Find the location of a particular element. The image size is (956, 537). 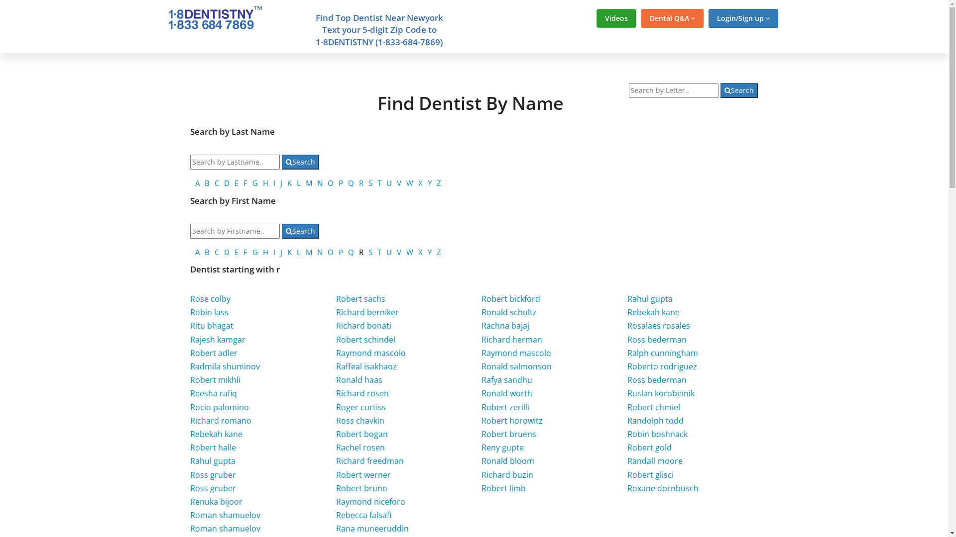

'Rafya sandhu' is located at coordinates (506, 379).